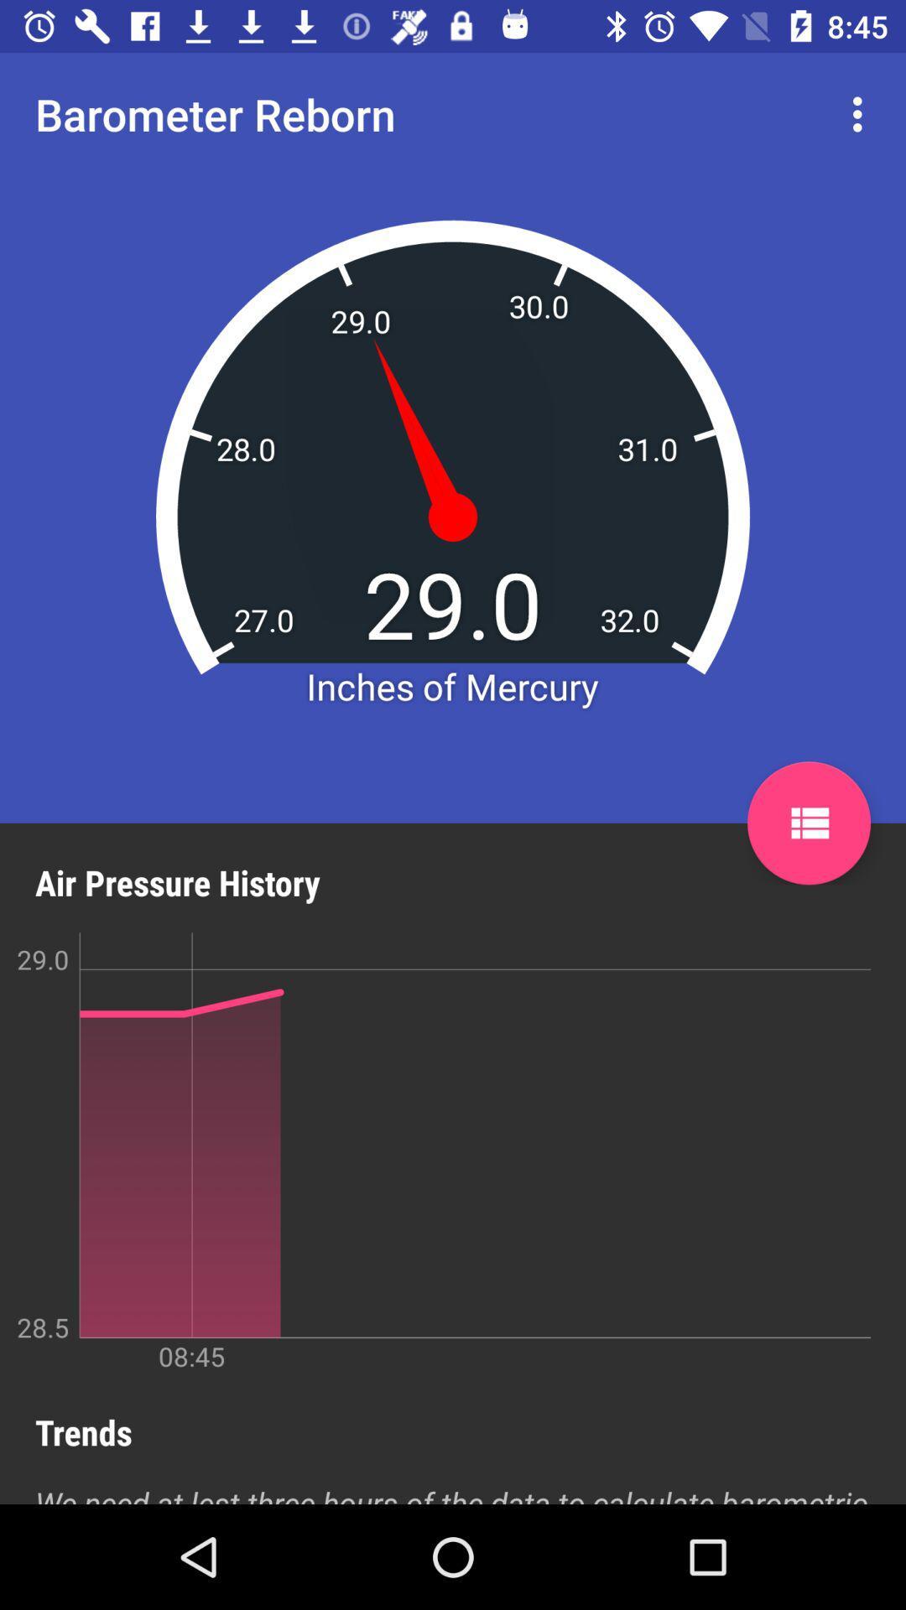  What do you see at coordinates (808, 823) in the screenshot?
I see `the list icon` at bounding box center [808, 823].